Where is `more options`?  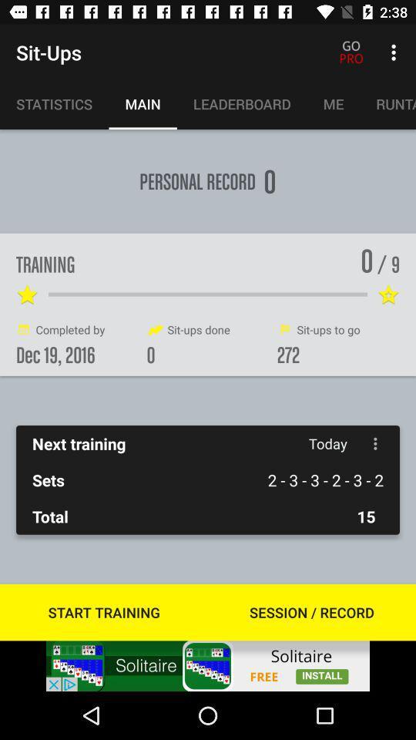
more options is located at coordinates (374, 443).